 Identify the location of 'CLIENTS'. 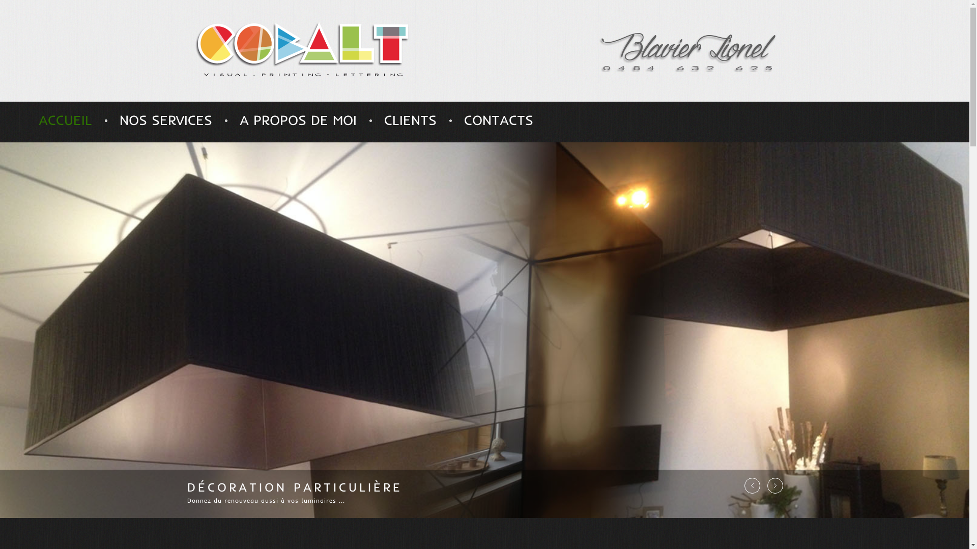
(383, 119).